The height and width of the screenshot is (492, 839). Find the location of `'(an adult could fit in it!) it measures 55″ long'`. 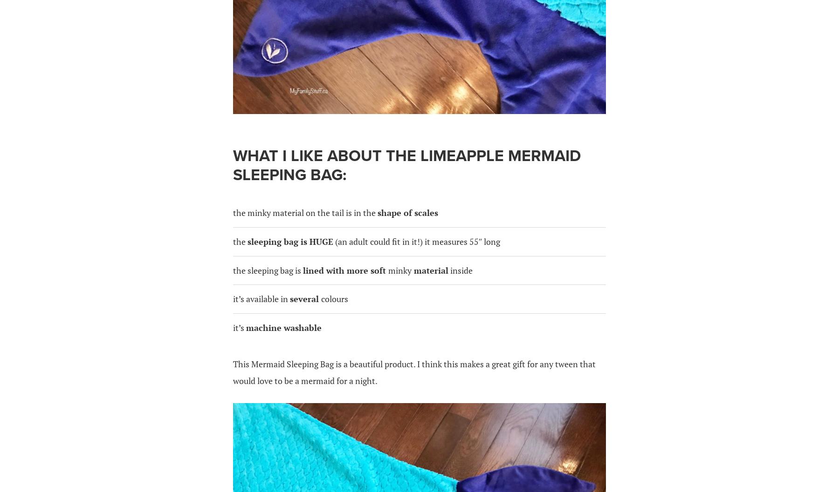

'(an adult could fit in it!) it measures 55″ long' is located at coordinates (417, 241).